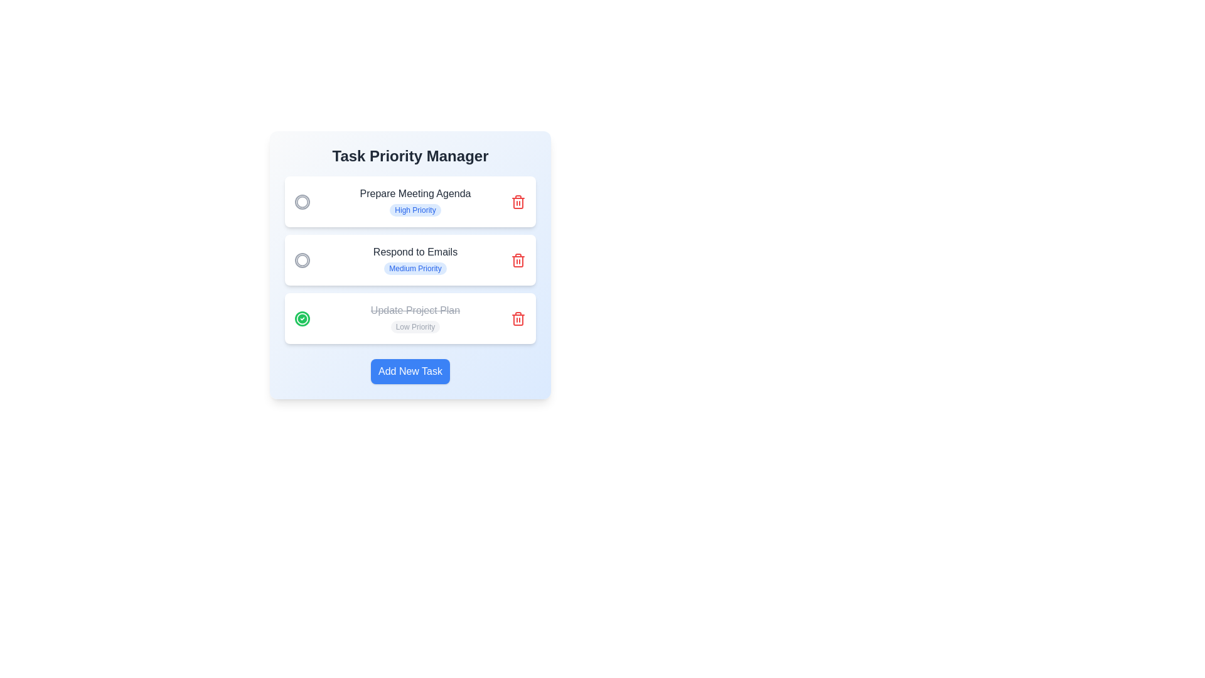 The image size is (1205, 678). I want to click on the first text label, so click(415, 193).